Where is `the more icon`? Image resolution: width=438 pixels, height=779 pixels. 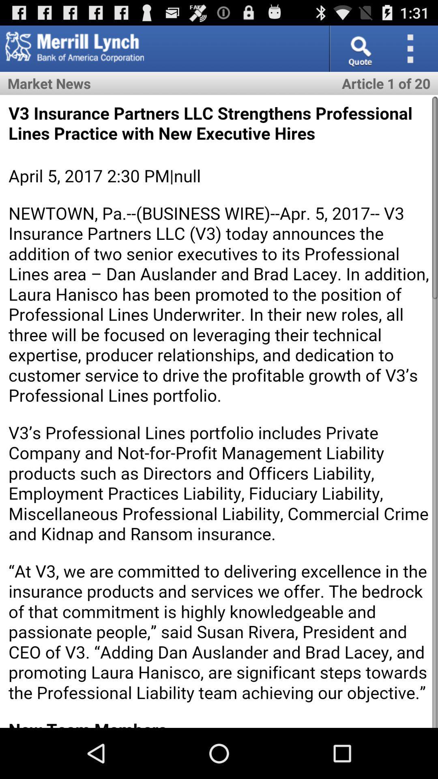
the more icon is located at coordinates (413, 52).